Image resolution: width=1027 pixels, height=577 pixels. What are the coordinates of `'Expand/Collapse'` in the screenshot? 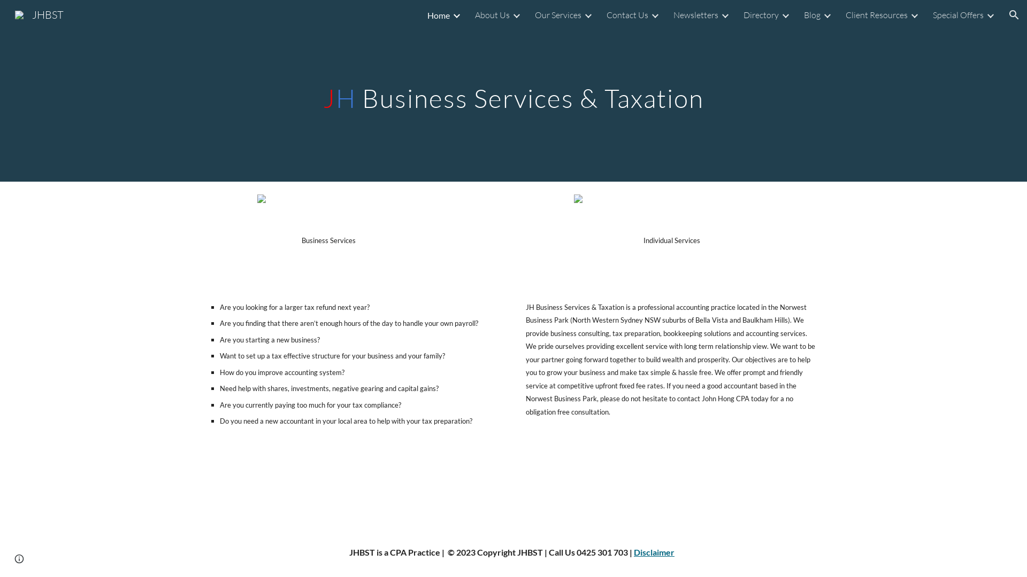 It's located at (785, 14).